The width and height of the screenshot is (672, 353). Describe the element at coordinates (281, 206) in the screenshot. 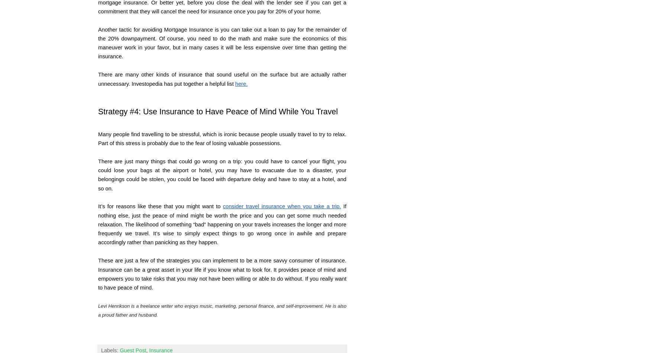

I see `'consider travel insurance when you take a trip.'` at that location.